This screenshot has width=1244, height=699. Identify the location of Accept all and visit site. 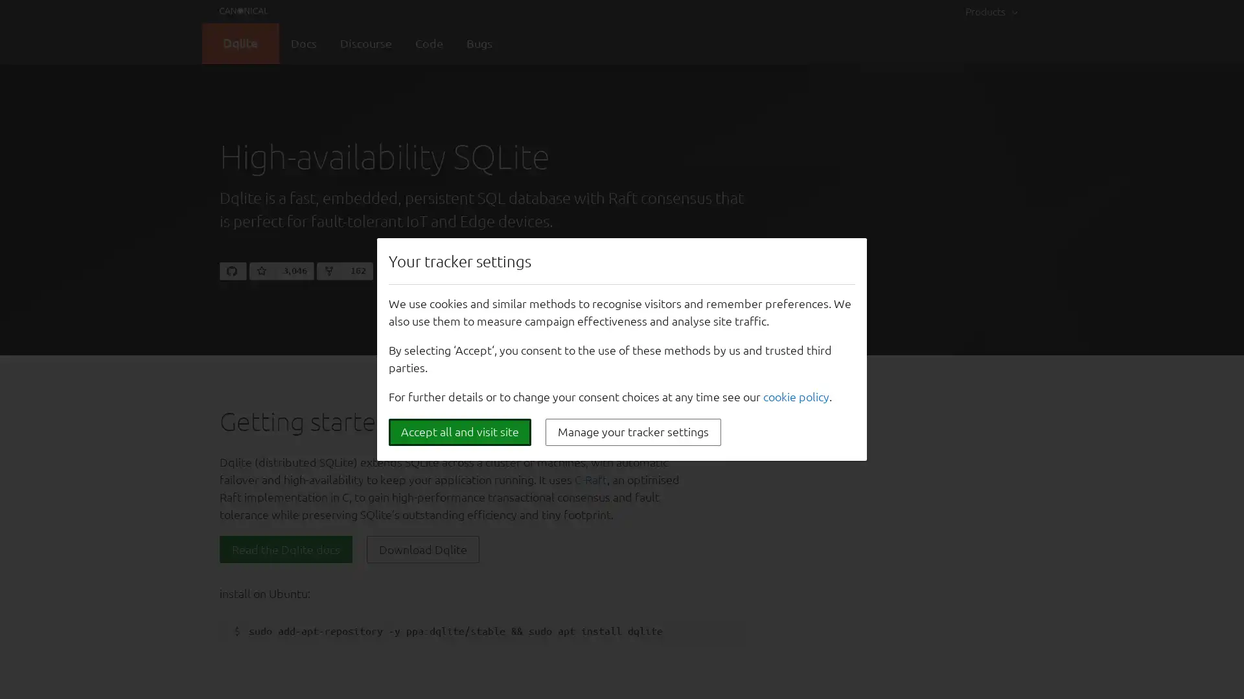
(460, 432).